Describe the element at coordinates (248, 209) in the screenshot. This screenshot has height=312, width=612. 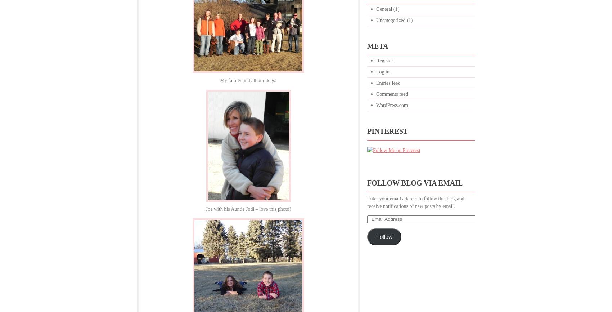
I see `'Joe with his Auntie Jodi – love this photo!'` at that location.